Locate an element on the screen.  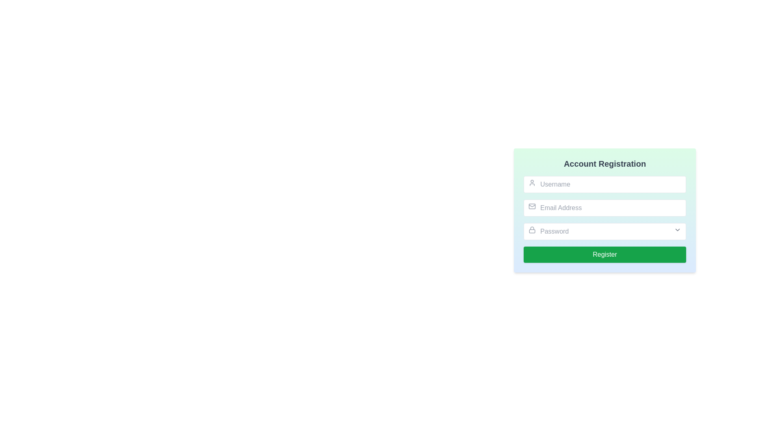
the button that toggles the visibility of the password input field, located at the right side of the password input field is located at coordinates (678, 230).